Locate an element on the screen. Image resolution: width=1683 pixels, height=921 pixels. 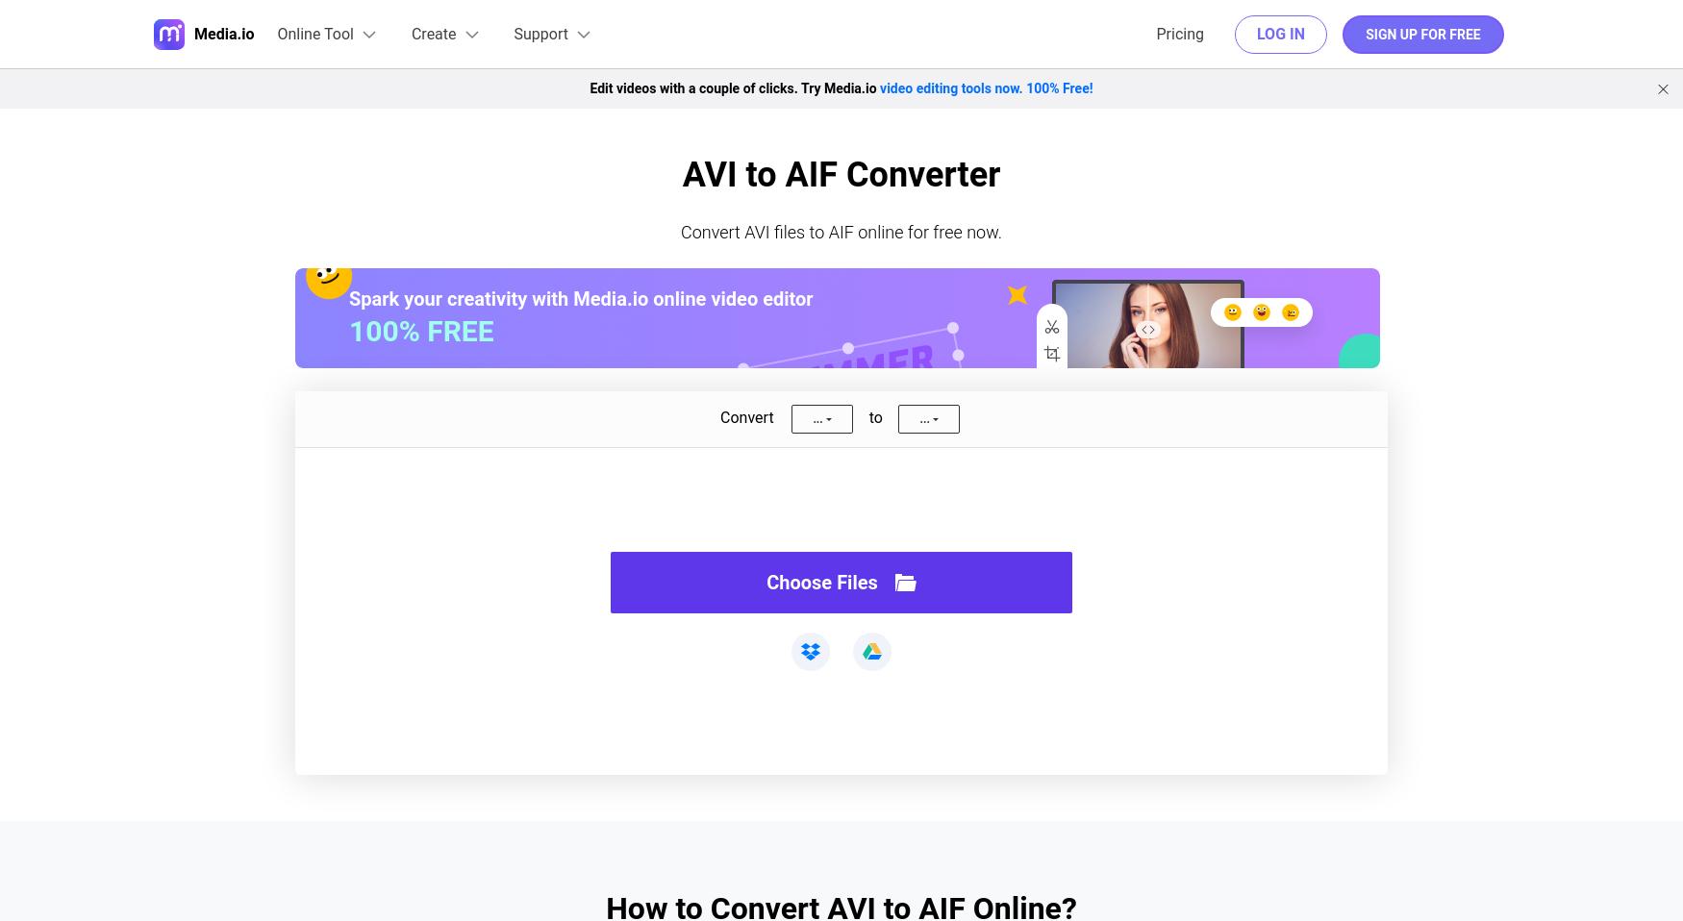
'Support' is located at coordinates (540, 33).